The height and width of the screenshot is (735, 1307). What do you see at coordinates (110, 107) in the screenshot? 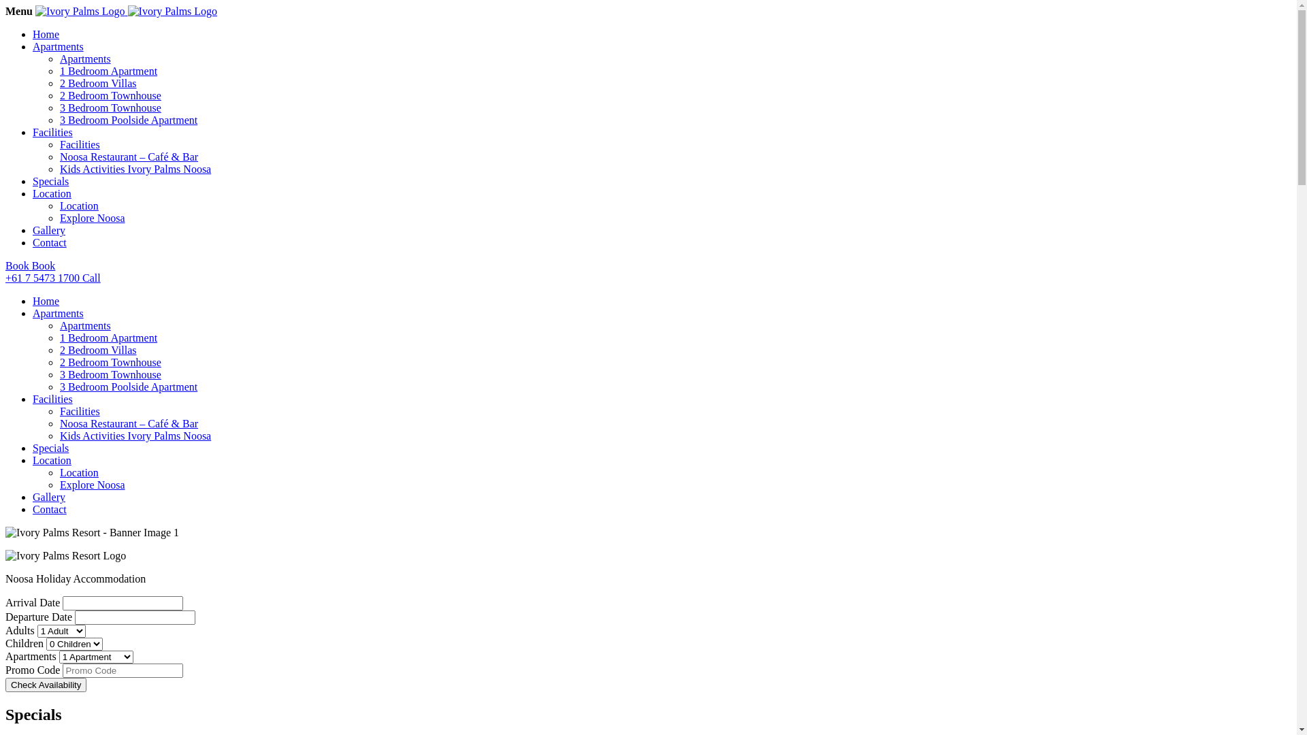
I see `'3 Bedroom Townhouse'` at bounding box center [110, 107].